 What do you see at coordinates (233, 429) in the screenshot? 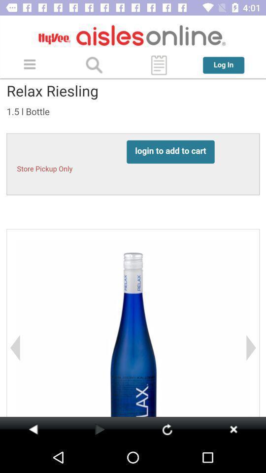
I see `the skip_next icon` at bounding box center [233, 429].